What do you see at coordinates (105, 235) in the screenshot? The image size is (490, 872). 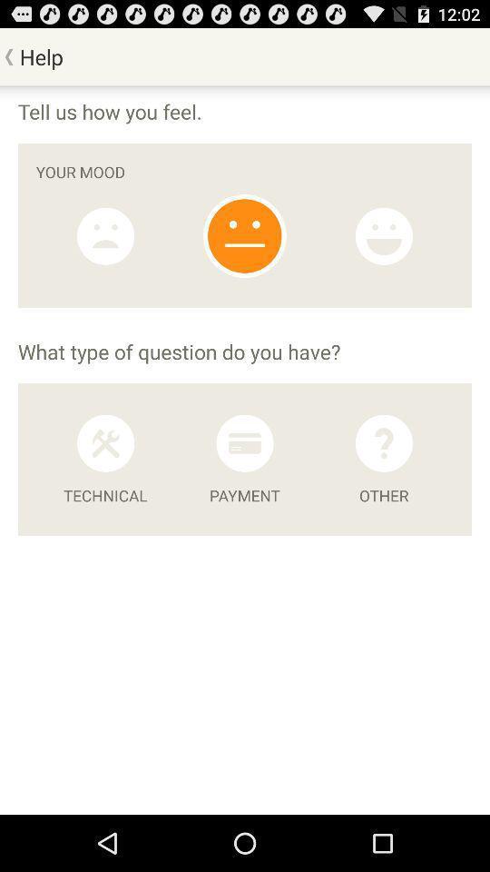 I see `sad mood` at bounding box center [105, 235].